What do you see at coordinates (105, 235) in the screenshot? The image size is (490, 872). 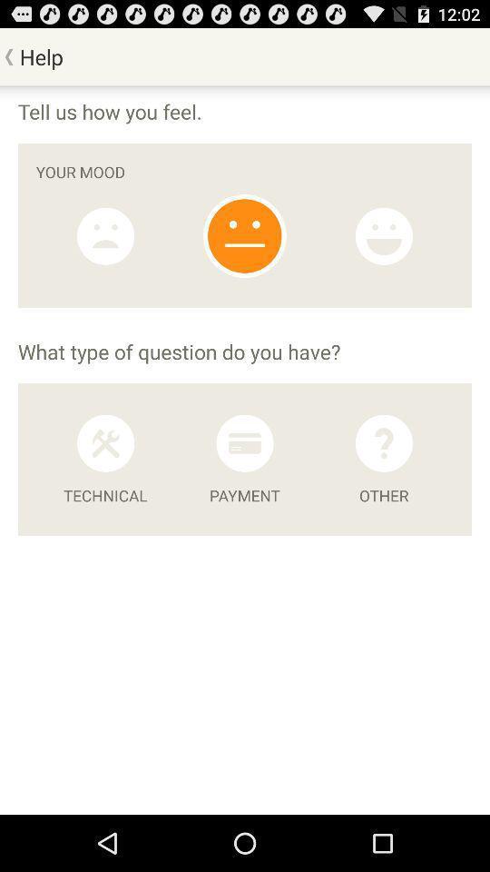 I see `sad mood` at bounding box center [105, 235].